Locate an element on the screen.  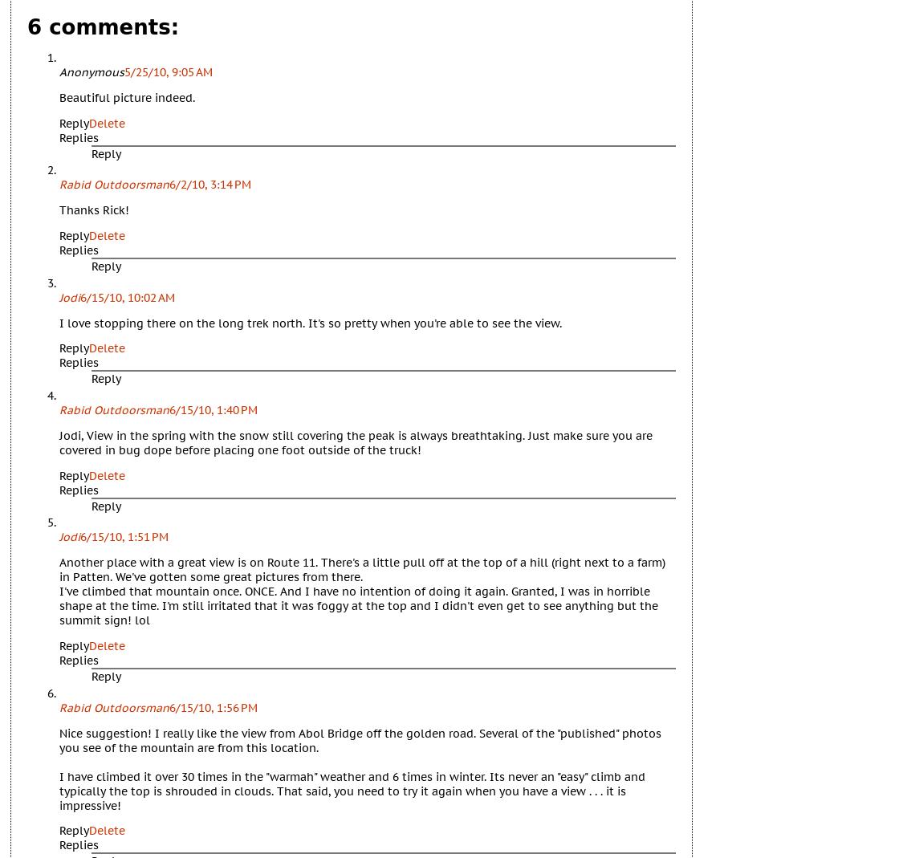
'6/15/10, 1:51 PM' is located at coordinates (124, 535).